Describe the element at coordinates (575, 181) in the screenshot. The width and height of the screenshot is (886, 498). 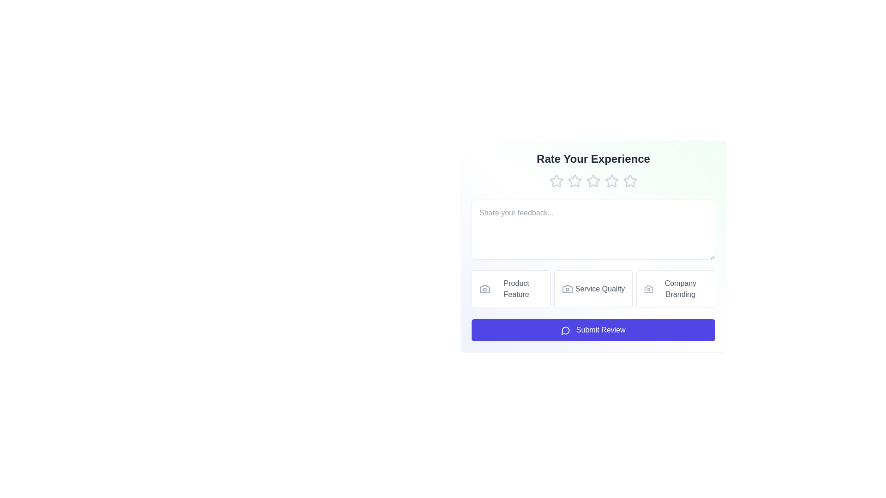
I see `the star corresponding to the rating 2 to set it` at that location.